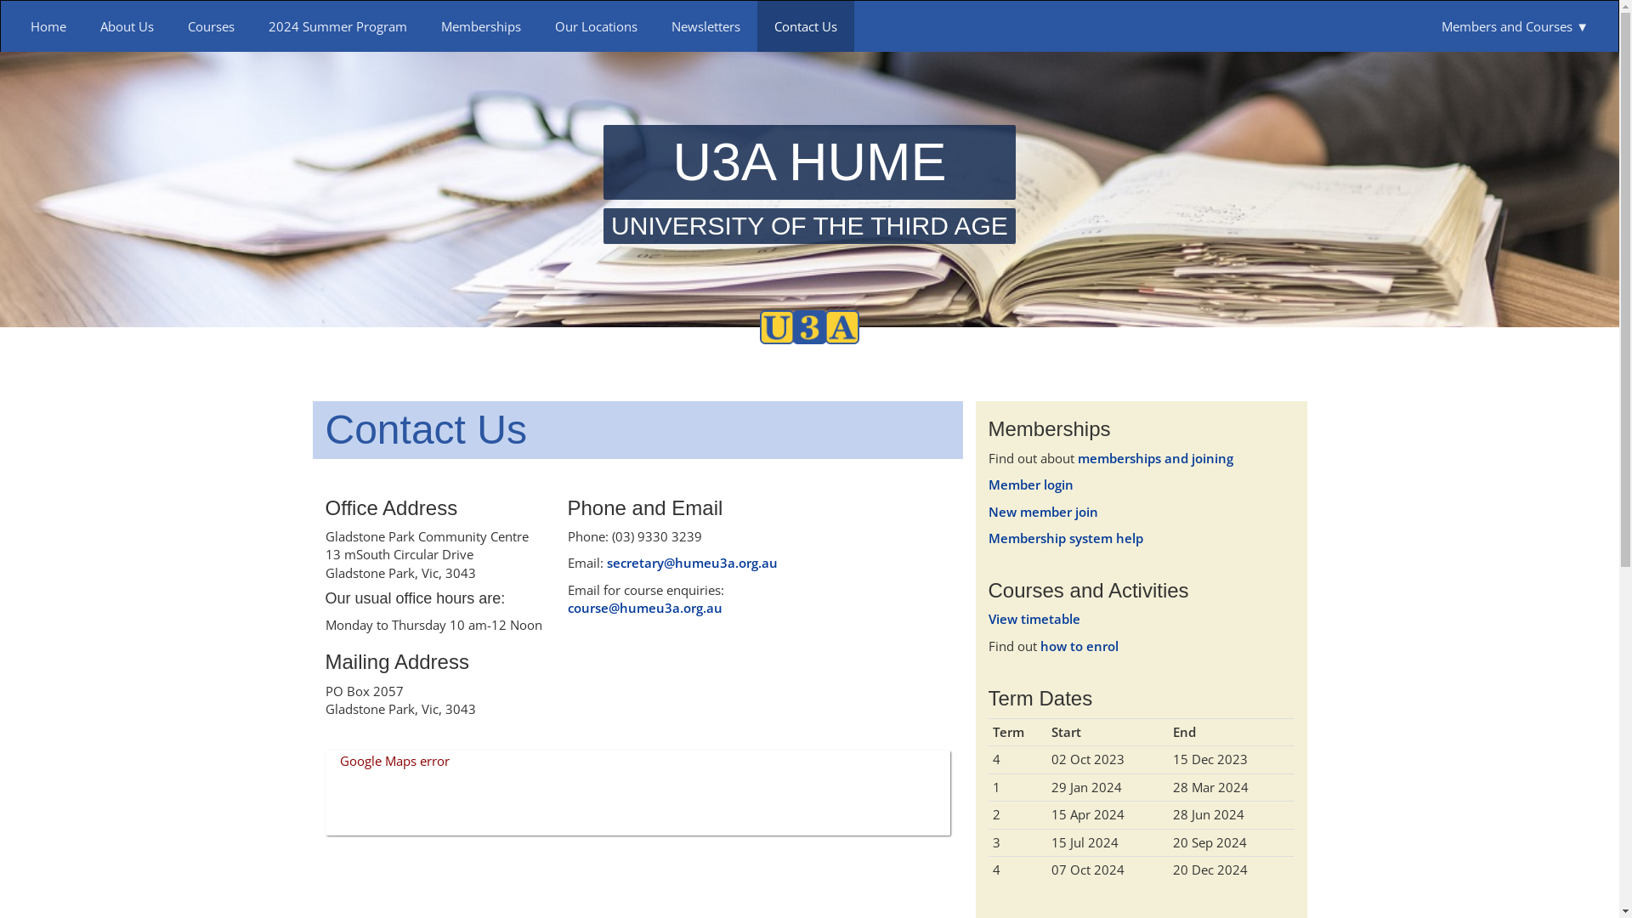 The image size is (1632, 918). Describe the element at coordinates (1041, 510) in the screenshot. I see `'New member join'` at that location.